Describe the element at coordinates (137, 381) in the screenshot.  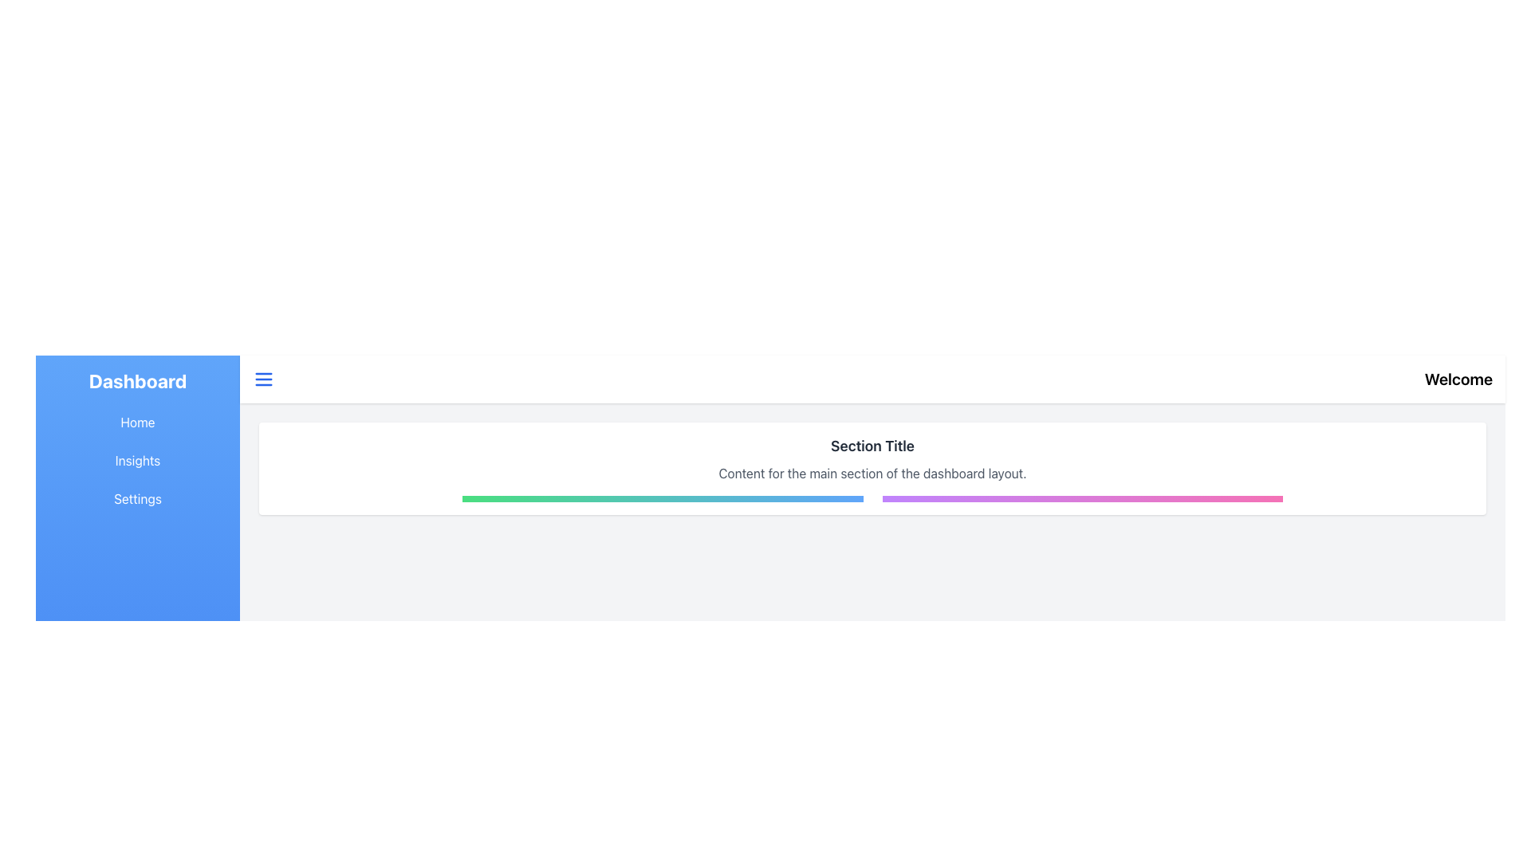
I see `the static text label located at the top of the sidebar menu, which indicates the current section or primary focus of the view` at that location.